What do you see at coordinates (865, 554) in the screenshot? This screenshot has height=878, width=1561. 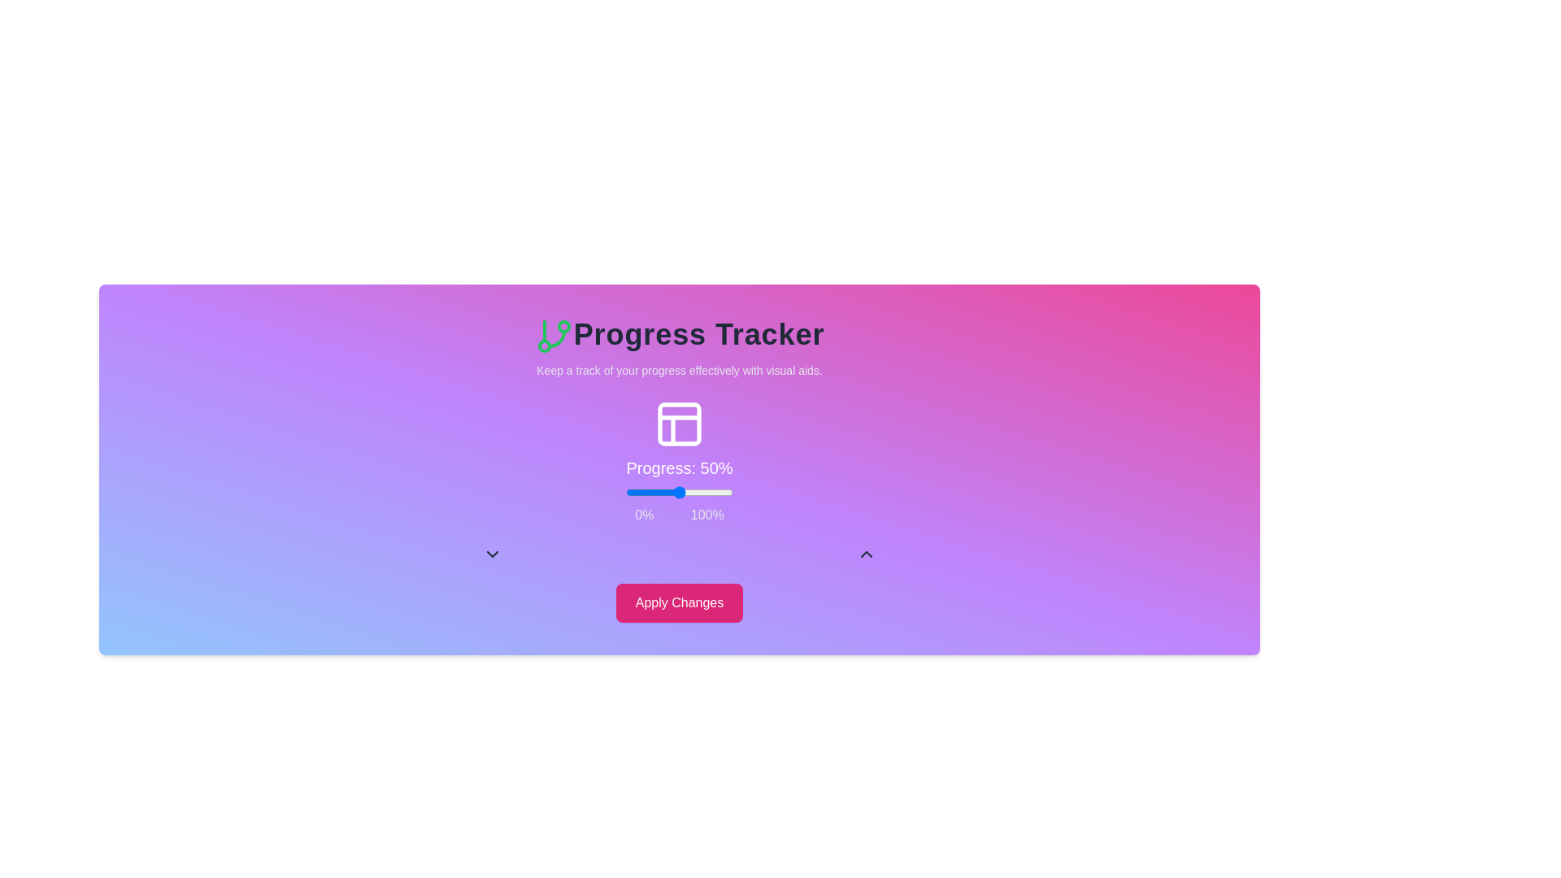 I see `increment button to increase the progress by 5%` at bounding box center [865, 554].